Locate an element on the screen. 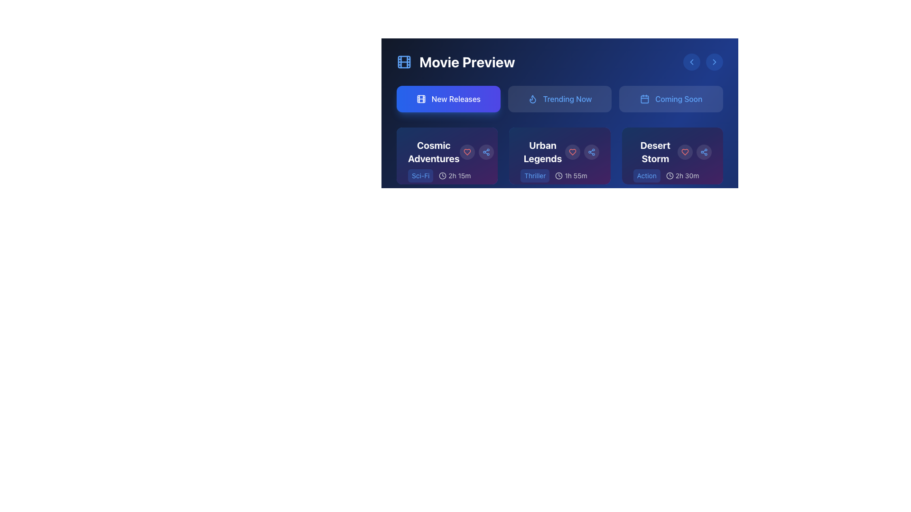  the duration icon located at the bottom-left section of the 'Cosmic Adventures' movie card, adjacent to the '2h 15m' duration label is located at coordinates (442, 175).